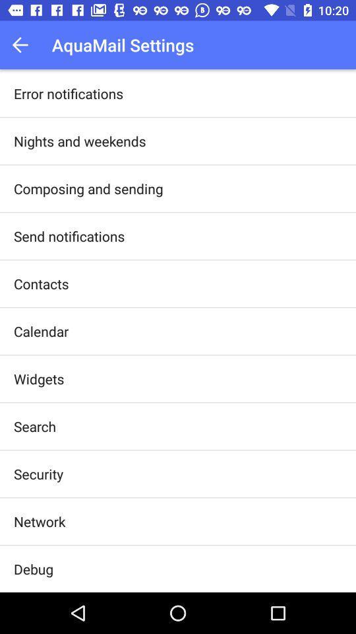  I want to click on icon below the contacts, so click(41, 330).